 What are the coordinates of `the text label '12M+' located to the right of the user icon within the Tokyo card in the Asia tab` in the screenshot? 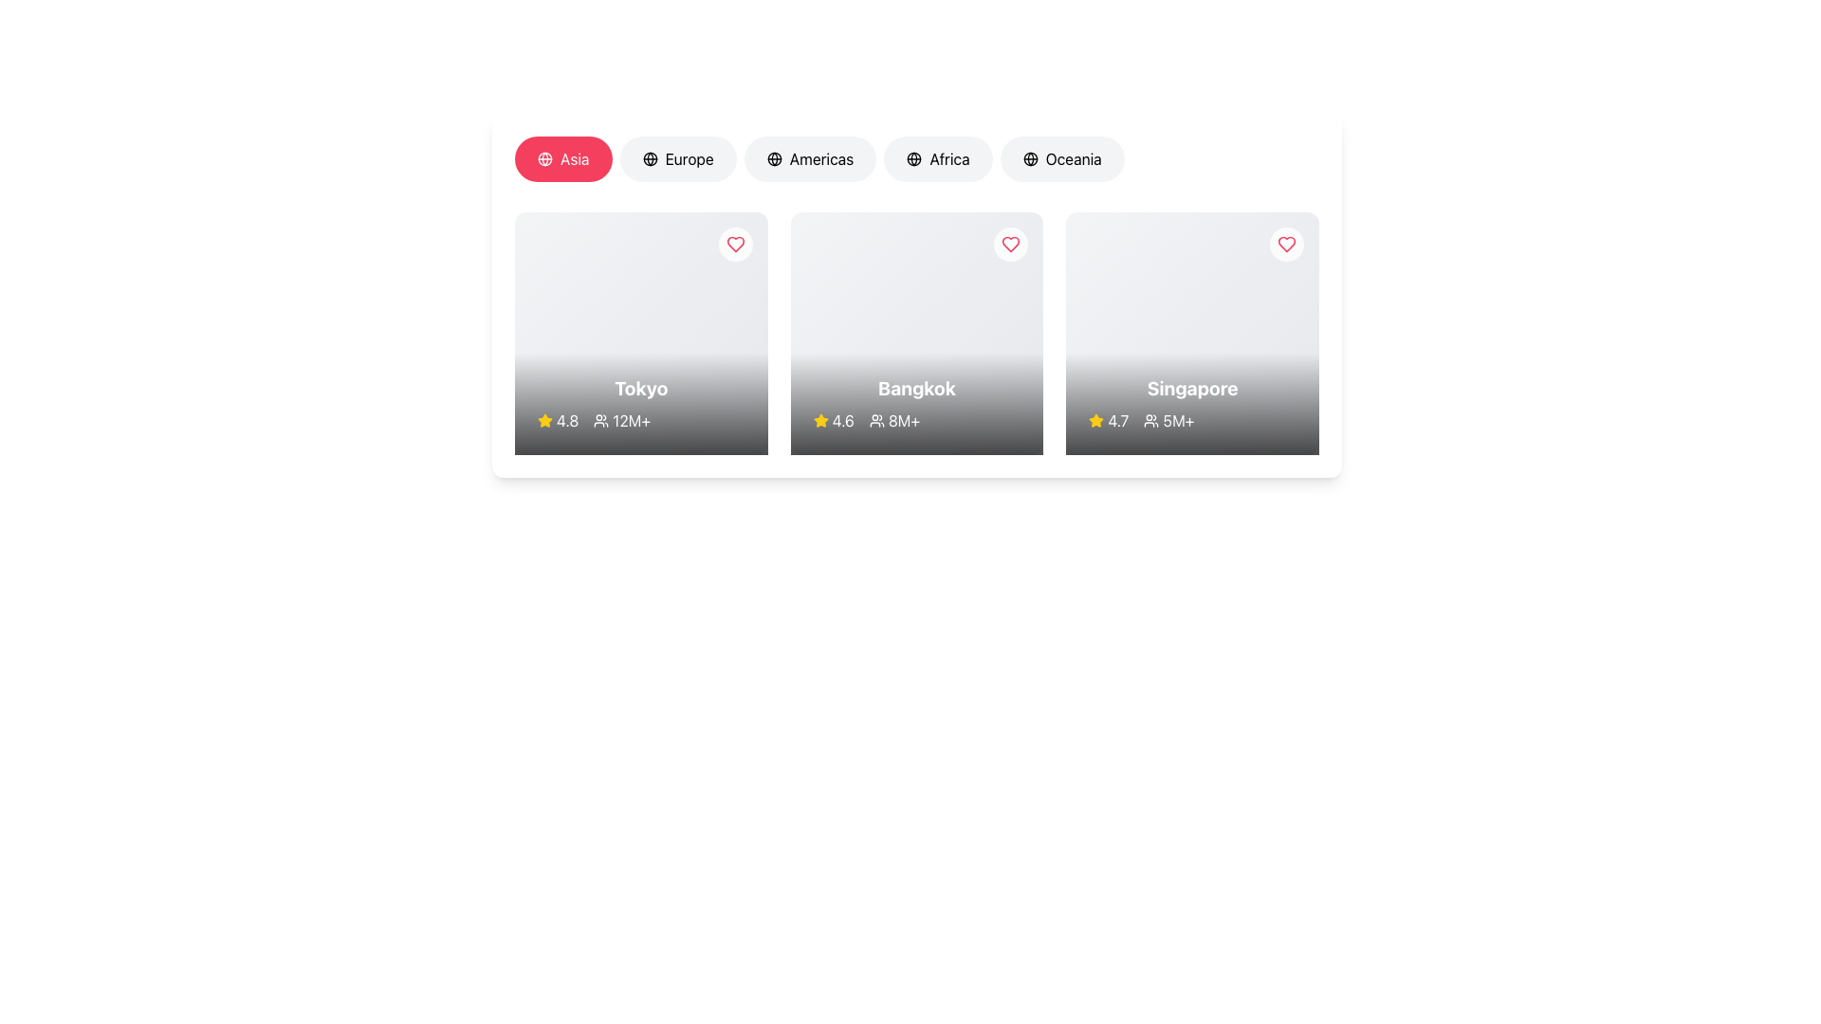 It's located at (641, 419).